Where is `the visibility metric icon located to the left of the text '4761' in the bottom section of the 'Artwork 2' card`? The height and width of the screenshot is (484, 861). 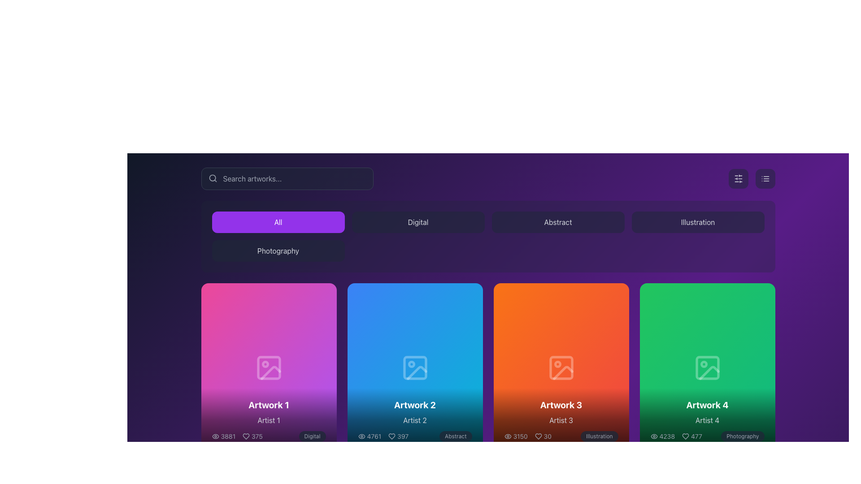
the visibility metric icon located to the left of the text '4761' in the bottom section of the 'Artwork 2' card is located at coordinates (361, 436).